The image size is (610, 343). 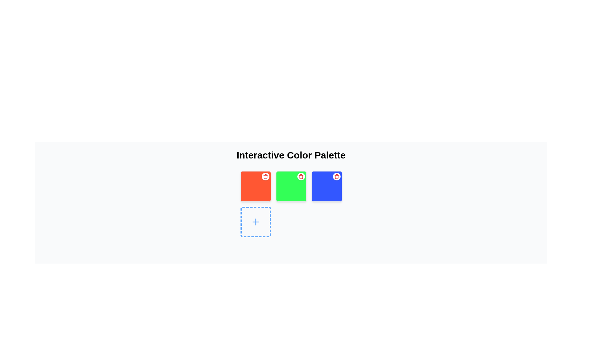 What do you see at coordinates (255, 221) in the screenshot?
I see `the interactive button for adding a new item in the bottom-left position of the grid layout` at bounding box center [255, 221].